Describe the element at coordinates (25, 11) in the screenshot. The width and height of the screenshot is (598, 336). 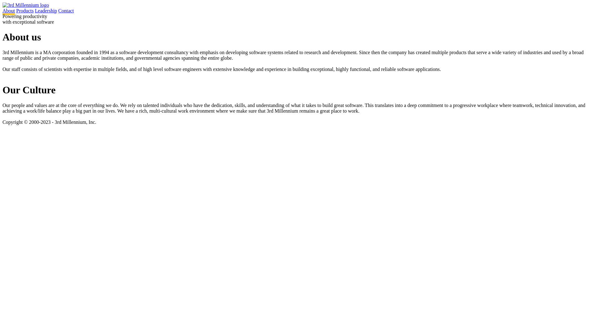
I see `'Products'` at that location.